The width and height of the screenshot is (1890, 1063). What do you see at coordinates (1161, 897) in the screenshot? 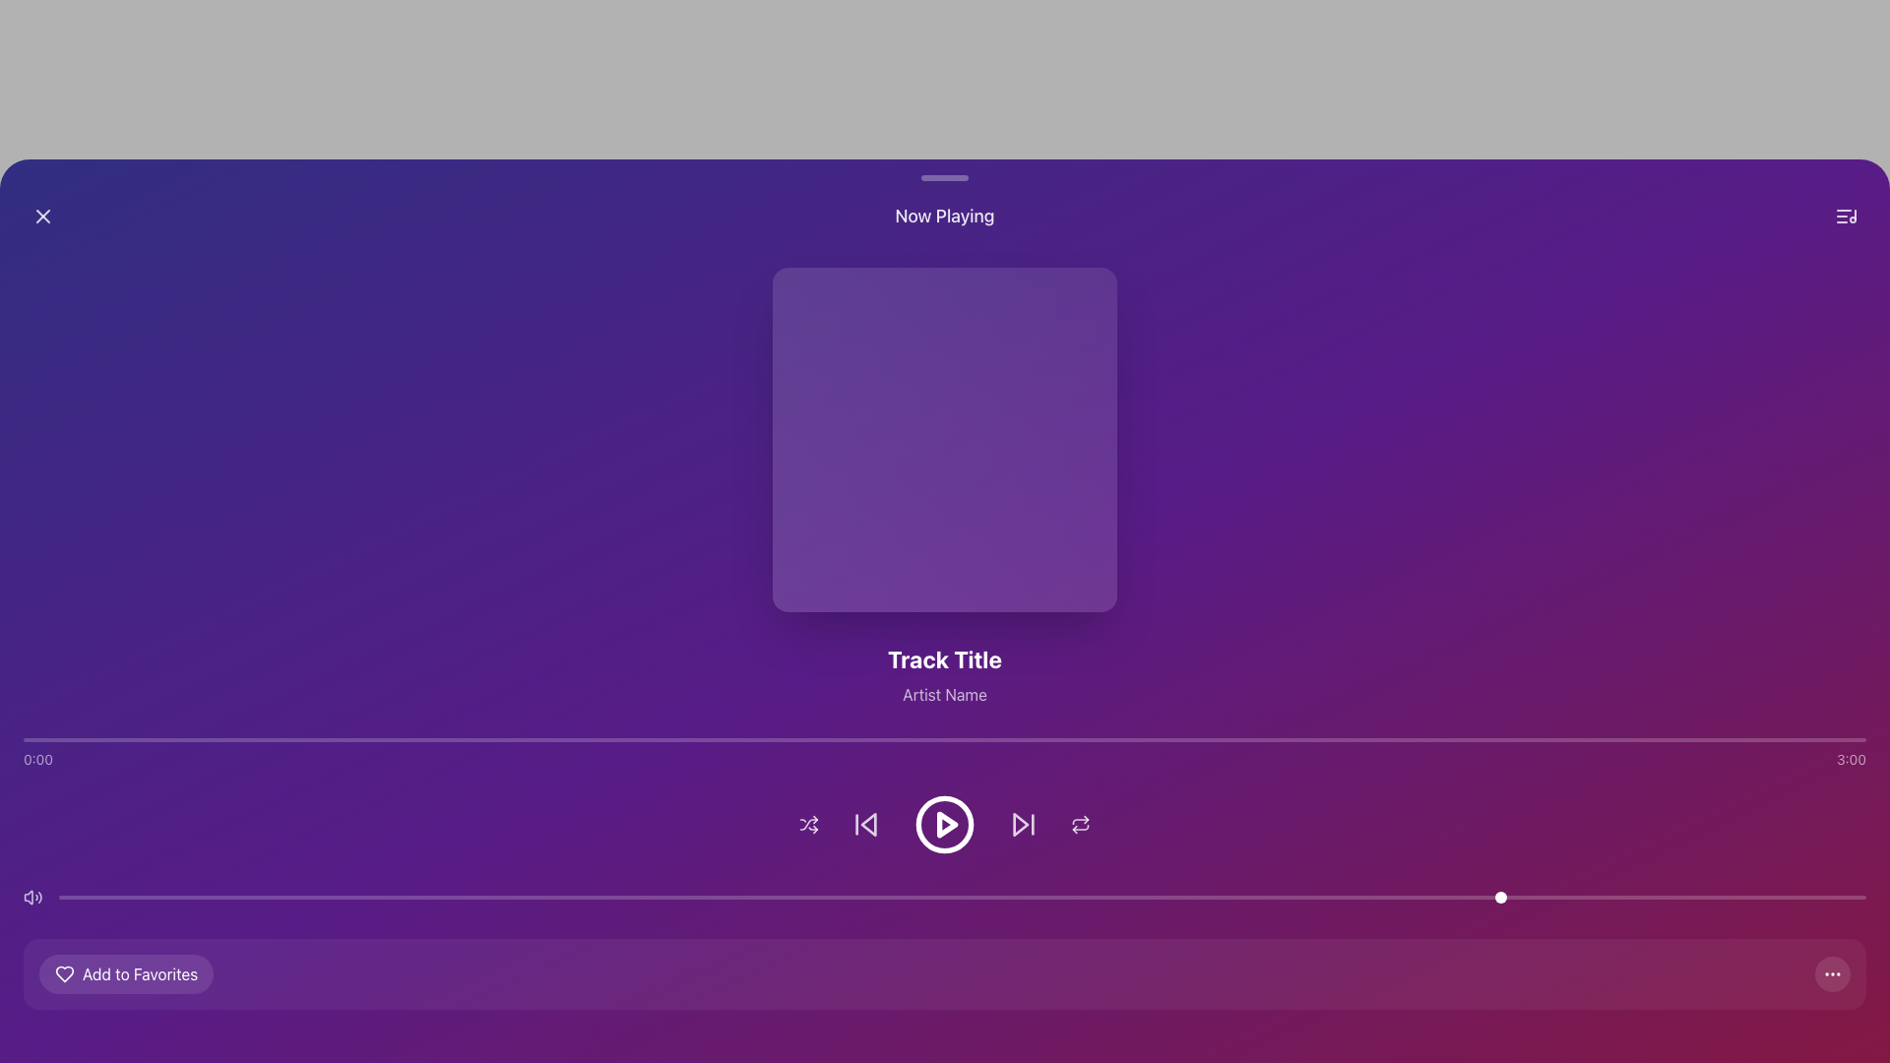
I see `the slider value` at bounding box center [1161, 897].